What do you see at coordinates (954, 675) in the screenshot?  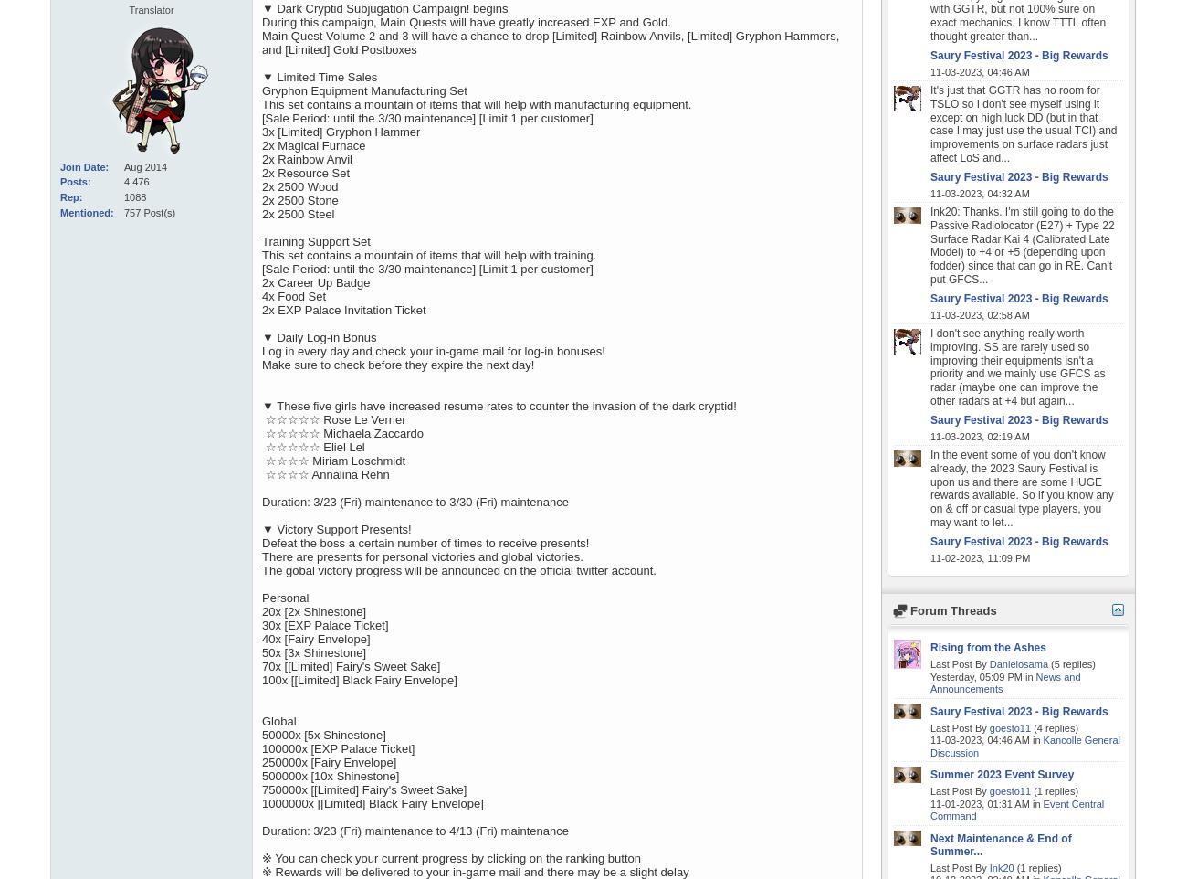 I see `'Yesterday,'` at bounding box center [954, 675].